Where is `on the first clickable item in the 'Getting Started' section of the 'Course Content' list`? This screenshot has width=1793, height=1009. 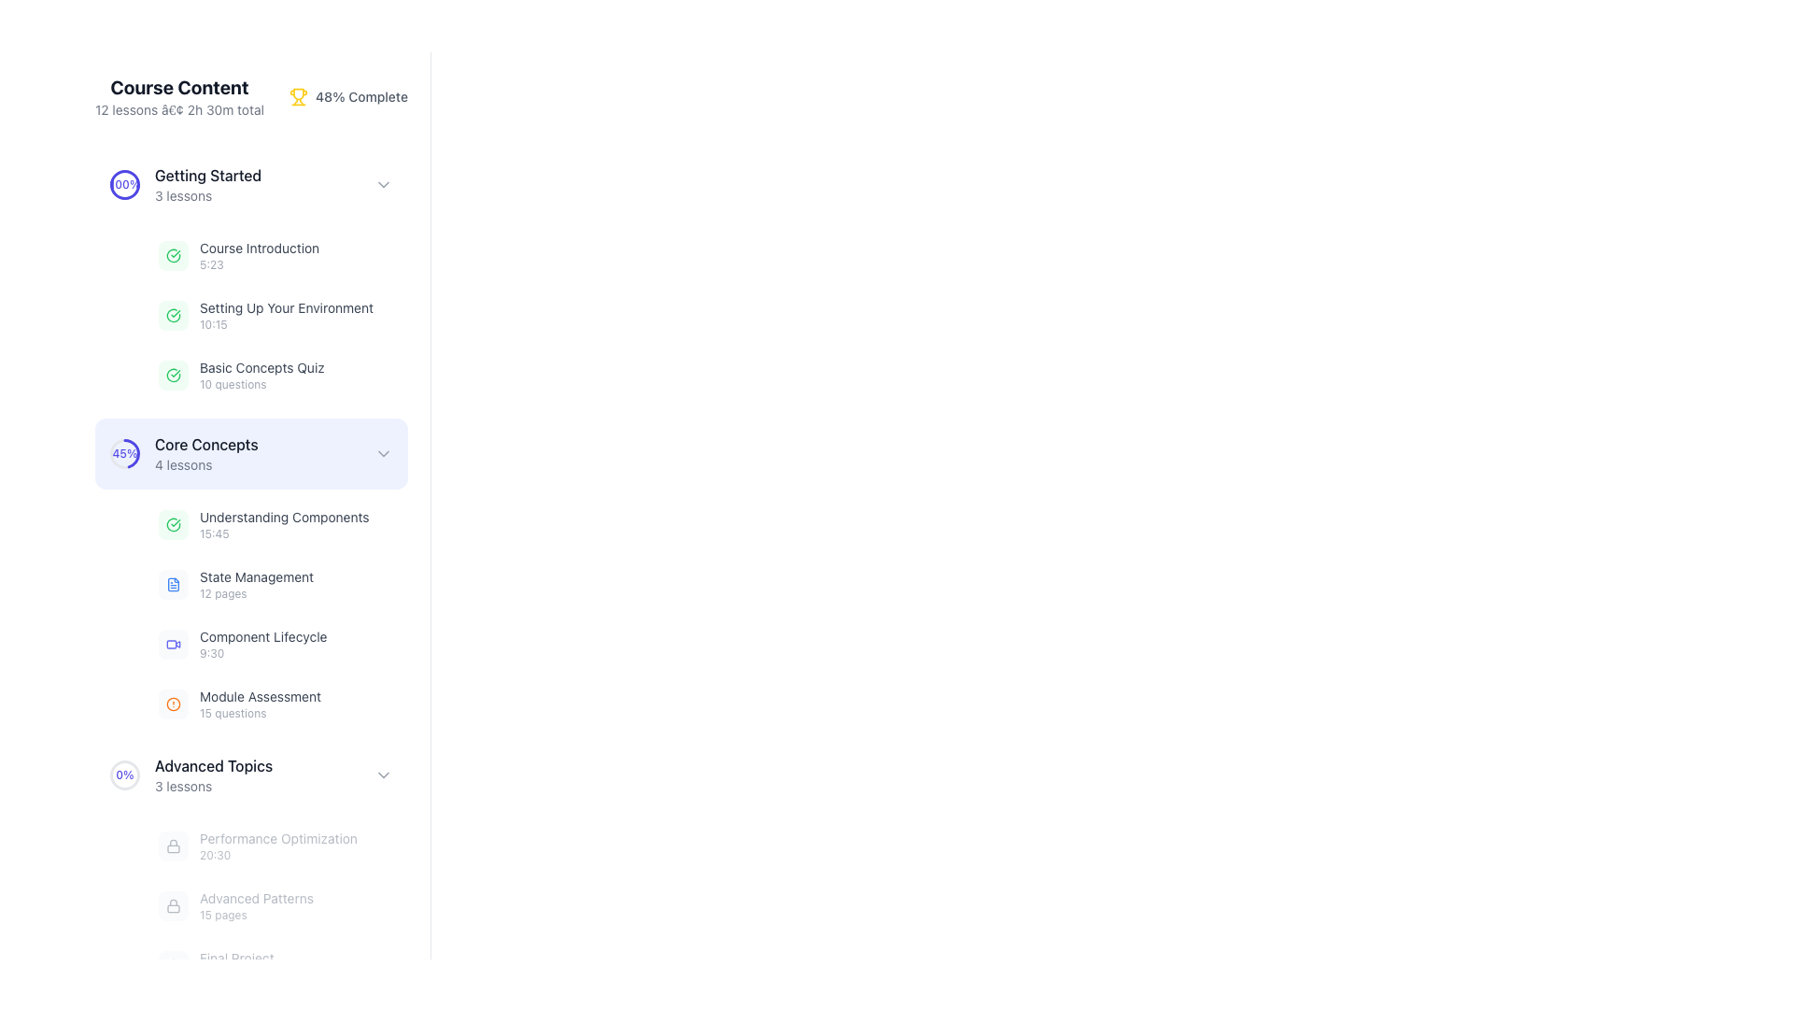 on the first clickable item in the 'Getting Started' section of the 'Course Content' list is located at coordinates (276, 255).